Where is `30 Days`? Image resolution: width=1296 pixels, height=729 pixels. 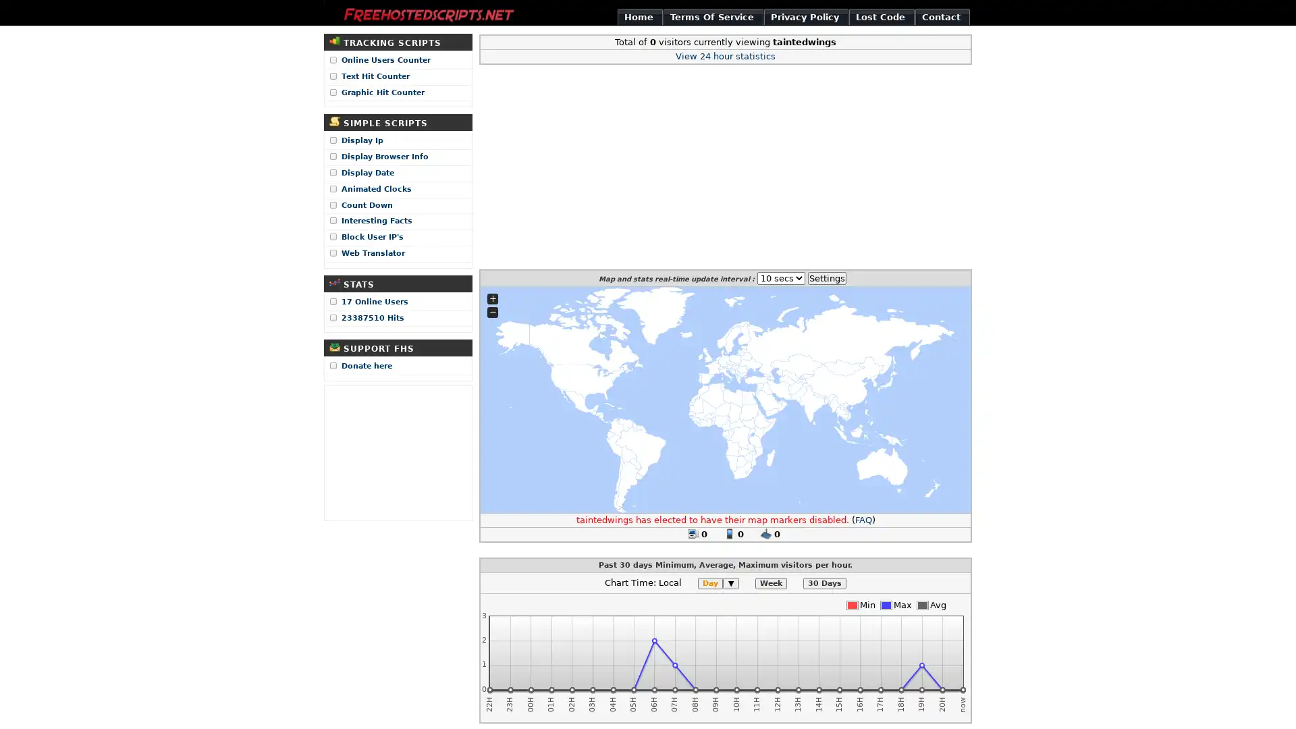
30 Days is located at coordinates (824, 583).